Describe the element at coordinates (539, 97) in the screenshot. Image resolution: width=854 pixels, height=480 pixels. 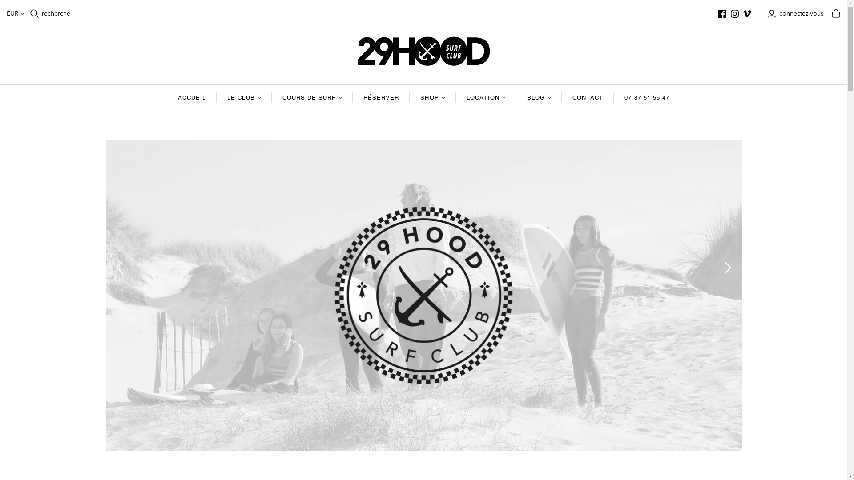
I see `'BLOG'` at that location.